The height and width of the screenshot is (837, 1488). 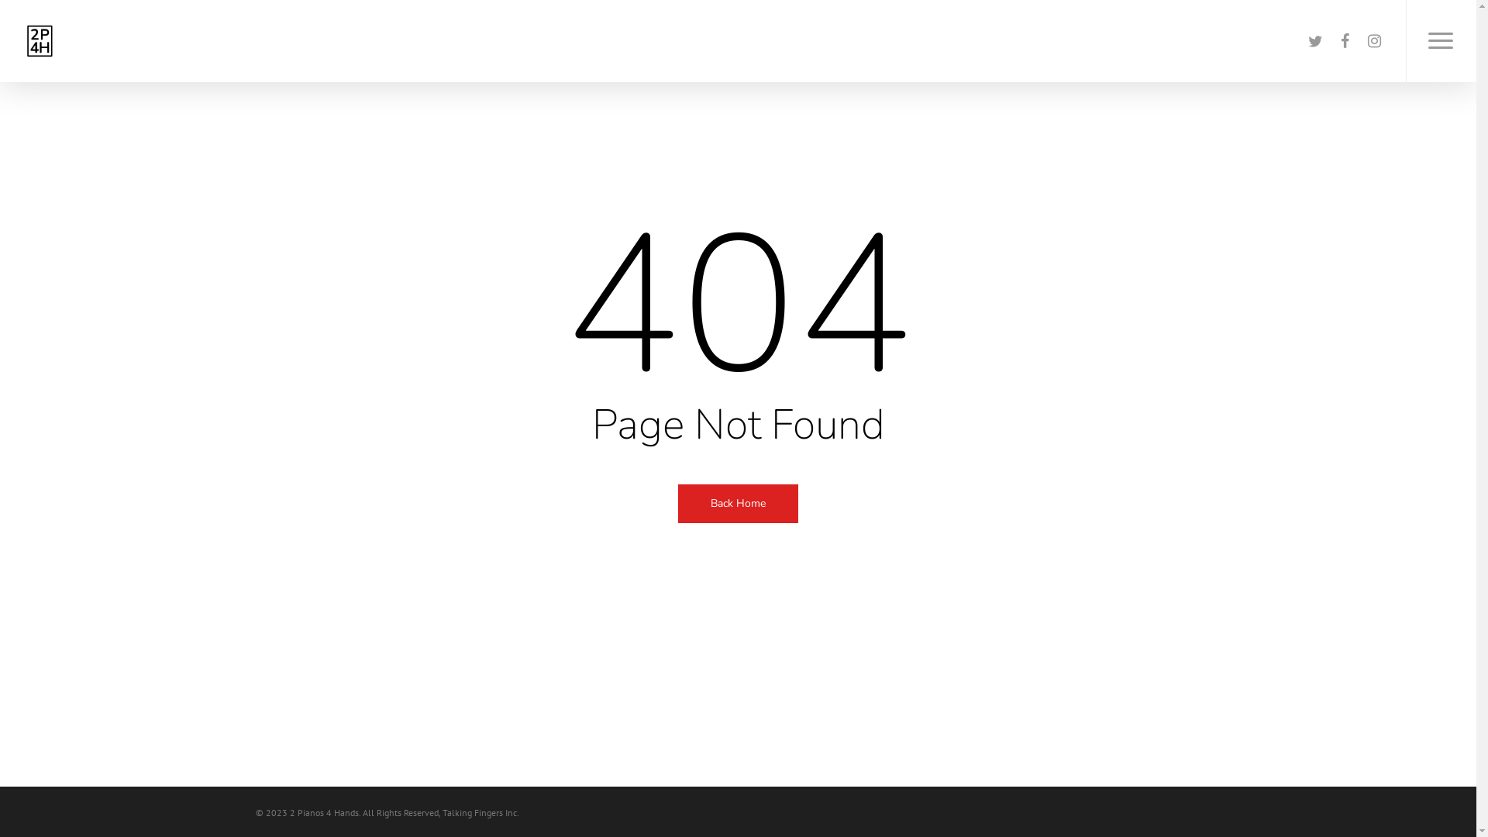 I want to click on 'Menu', so click(x=1406, y=40).